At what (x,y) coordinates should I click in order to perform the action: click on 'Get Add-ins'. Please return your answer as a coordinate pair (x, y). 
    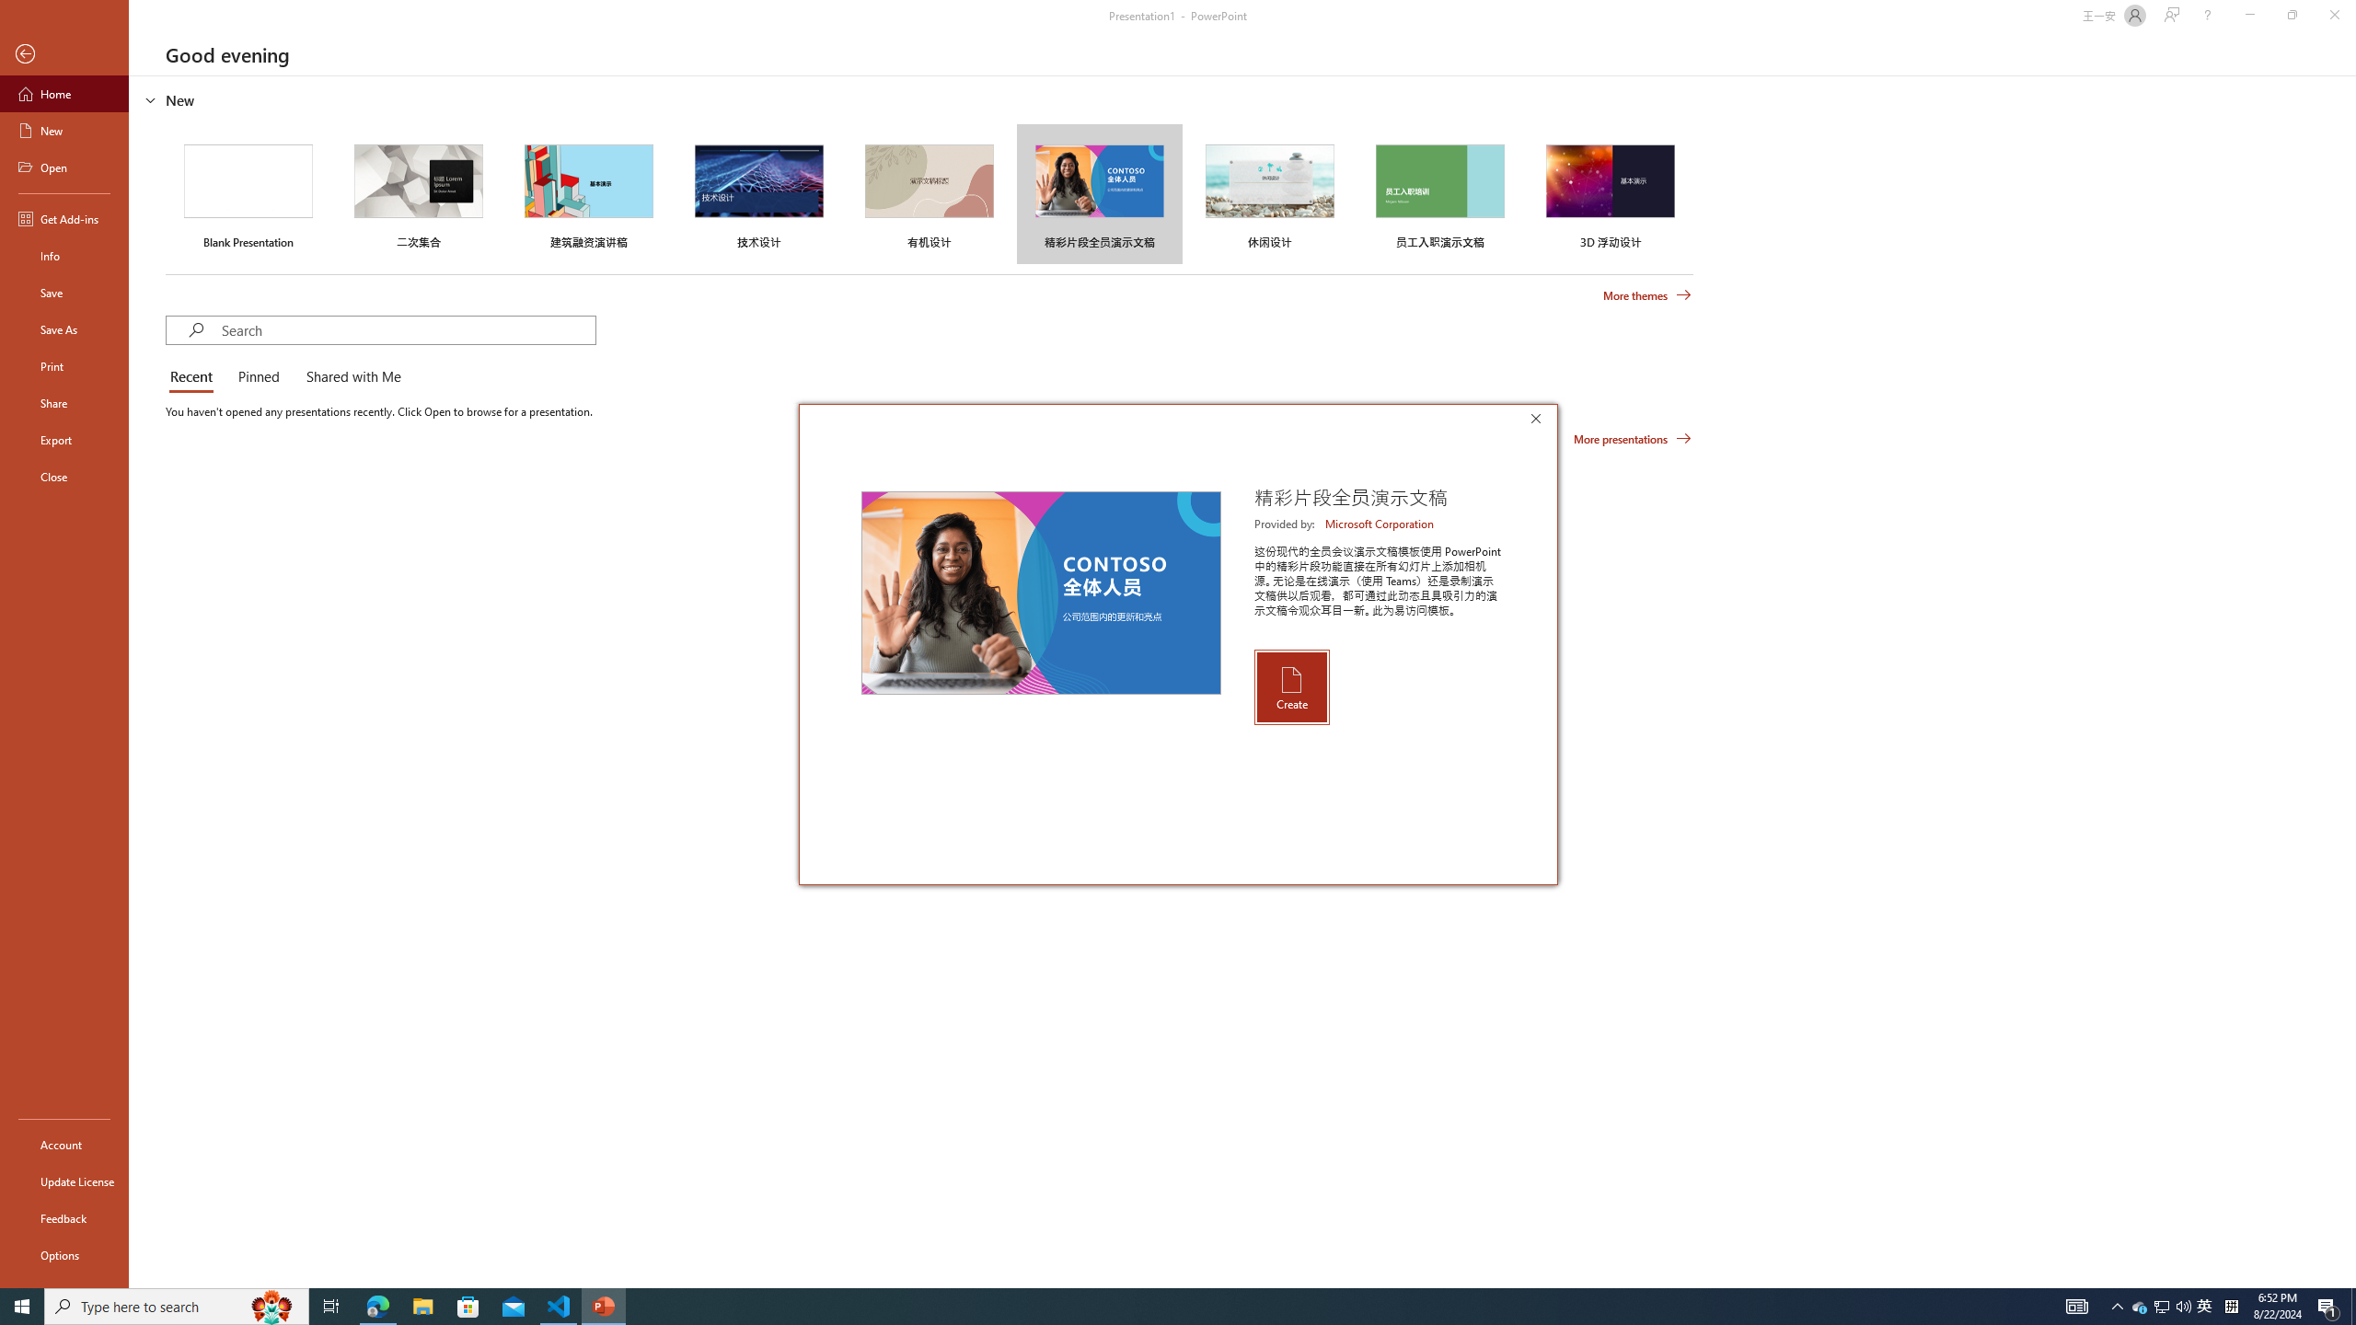
    Looking at the image, I should click on (64, 218).